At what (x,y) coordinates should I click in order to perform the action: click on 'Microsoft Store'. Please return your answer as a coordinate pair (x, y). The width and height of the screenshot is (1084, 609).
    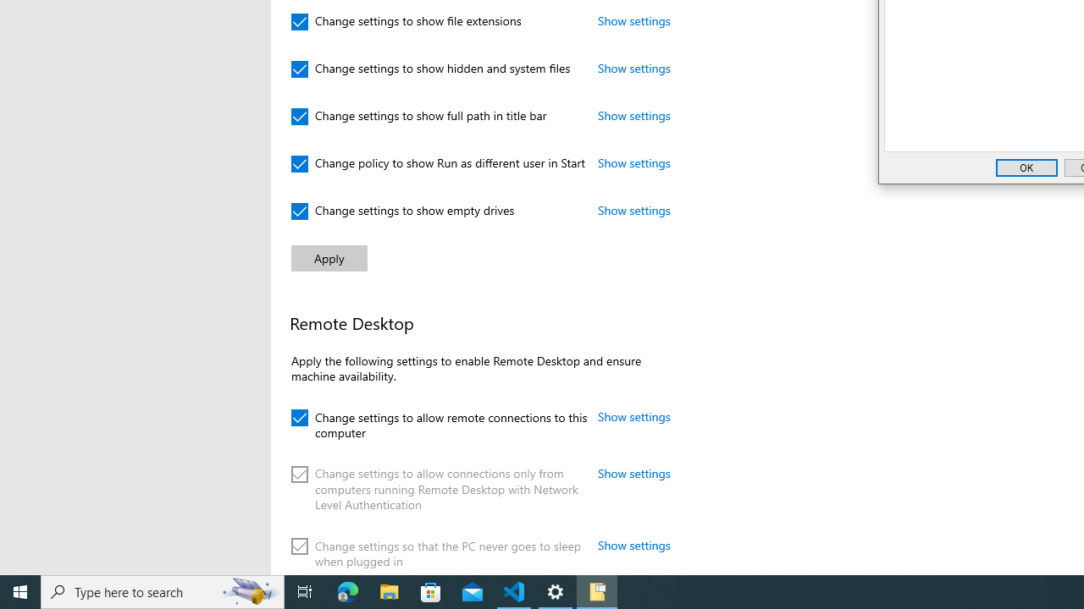
    Looking at the image, I should click on (431, 590).